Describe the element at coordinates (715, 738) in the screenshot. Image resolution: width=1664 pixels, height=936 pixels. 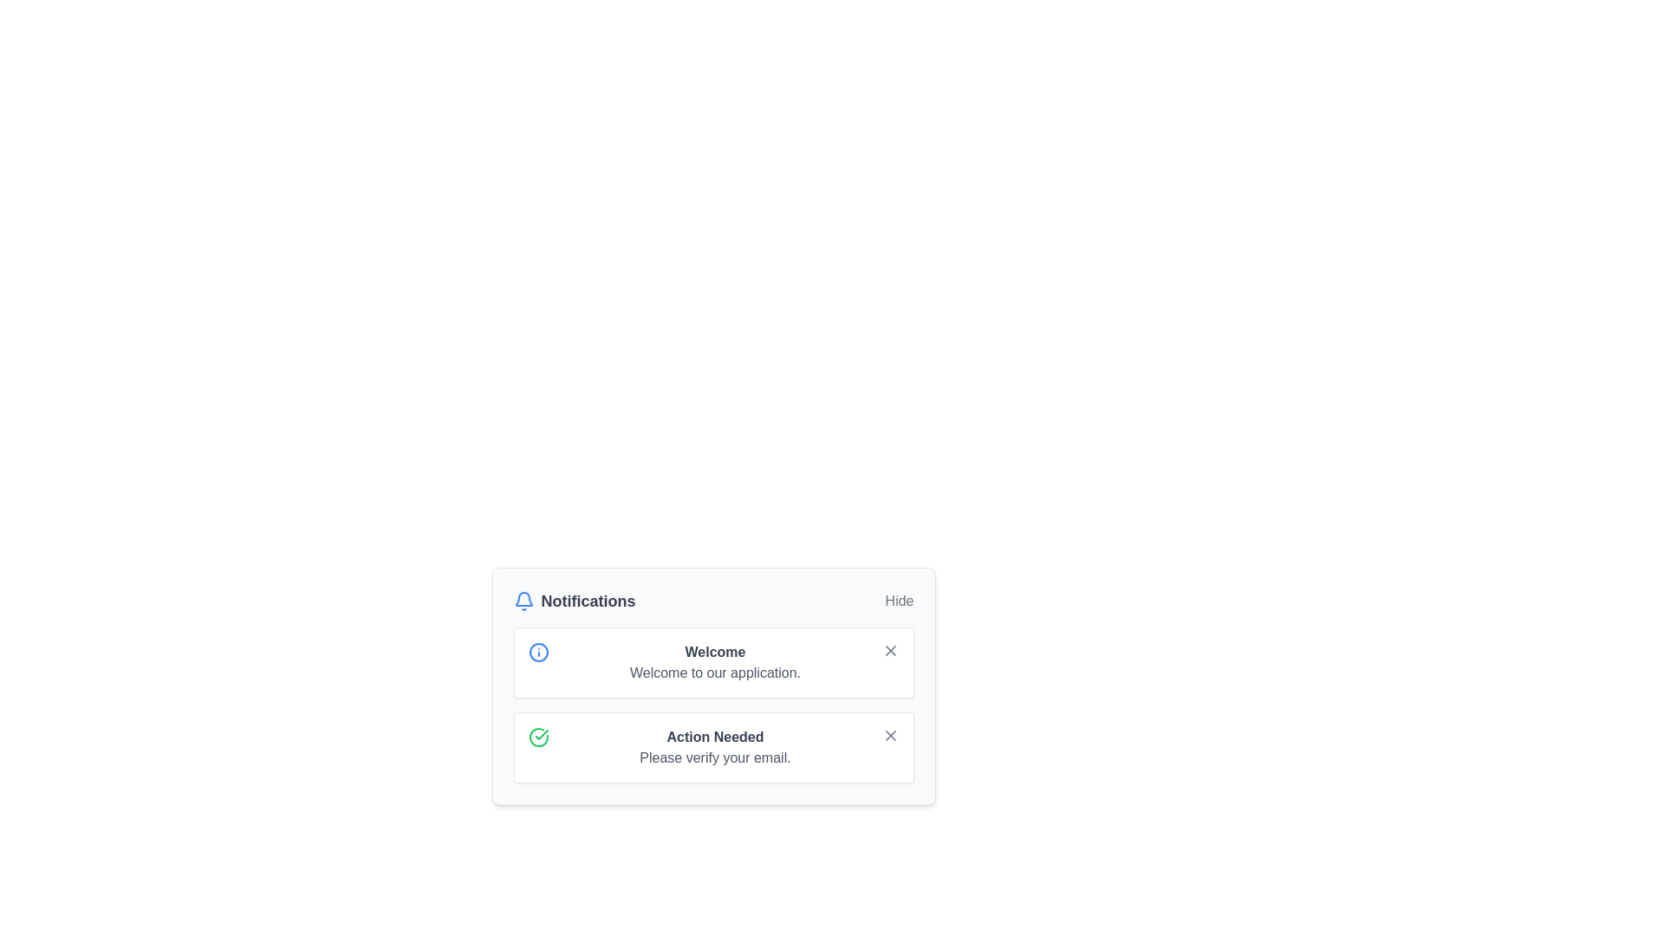
I see `the bold textual header displaying 'Action Needed' in dark gray, located above the supporting text and to the right of a green checkmark icon` at that location.